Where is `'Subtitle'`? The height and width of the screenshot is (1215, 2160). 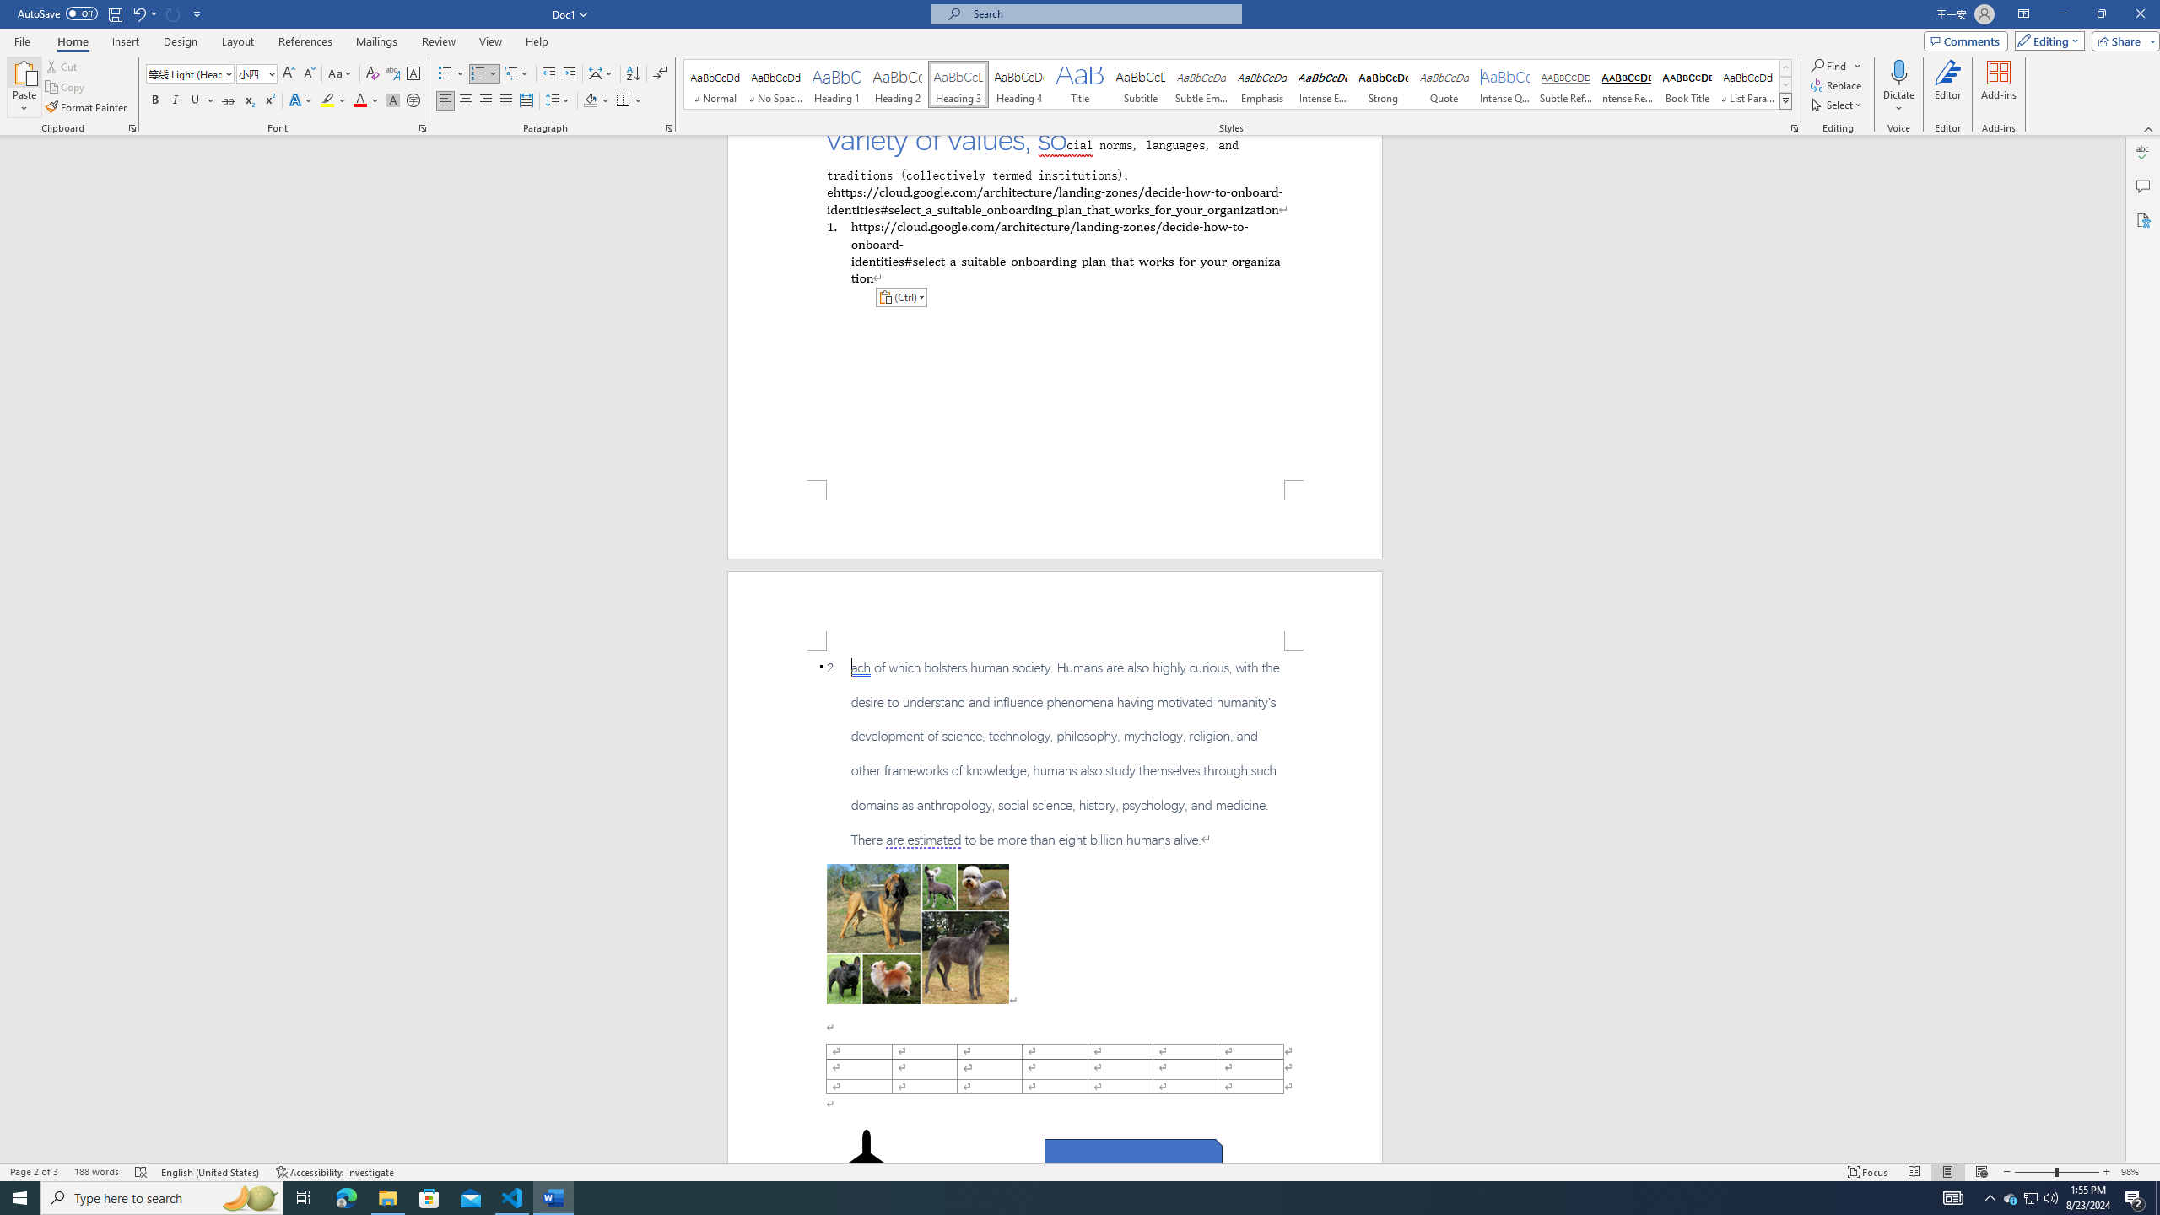 'Subtitle' is located at coordinates (1139, 84).